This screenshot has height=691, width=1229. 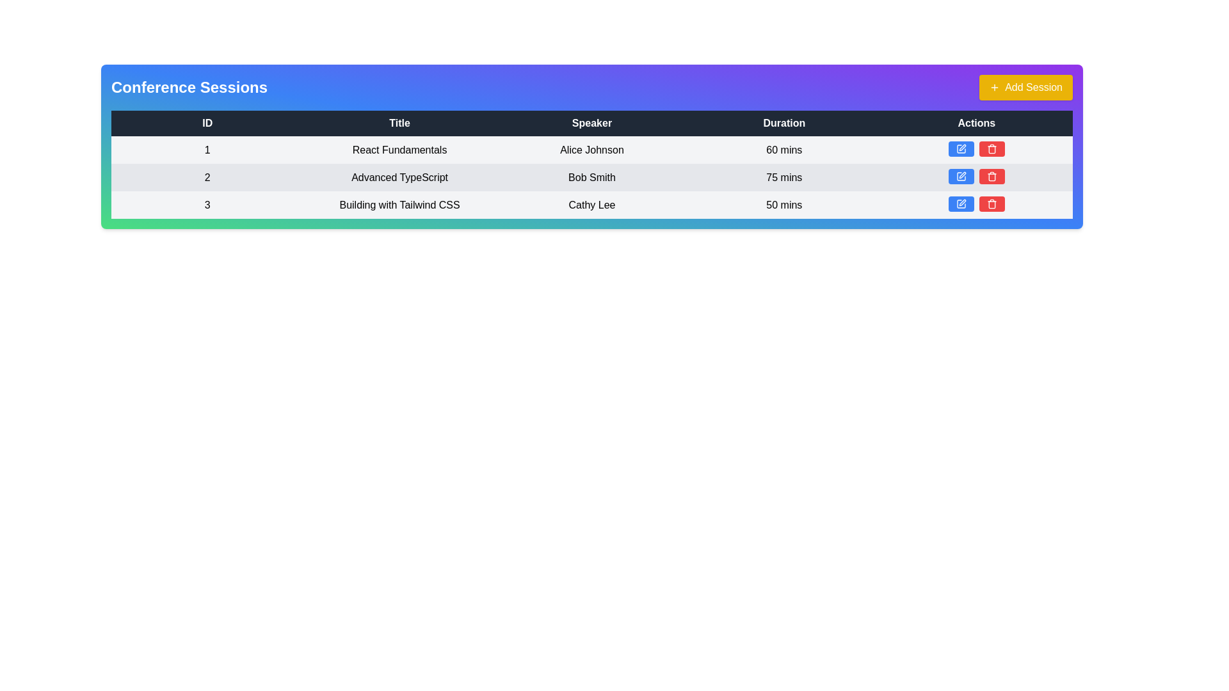 What do you see at coordinates (961, 203) in the screenshot?
I see `the edit button located in the Actions column of the third row in the Conference Sessions table` at bounding box center [961, 203].